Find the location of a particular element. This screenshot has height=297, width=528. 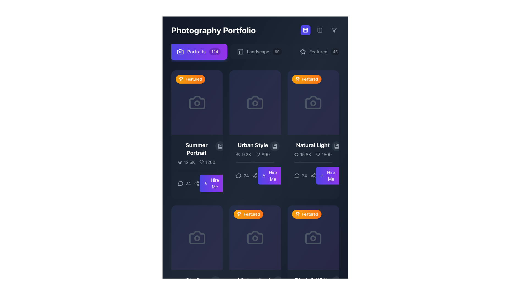

the flame icon within the 'Hire Me' button located at the bottom center of the 'Urban Style' card is located at coordinates (205, 183).